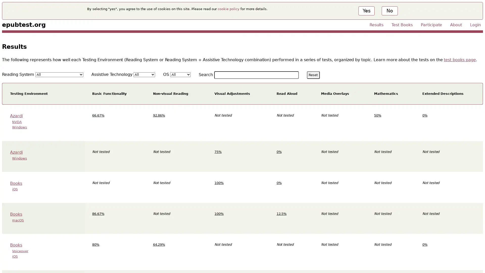  Describe the element at coordinates (232, 94) in the screenshot. I see `Visual Adjustments` at that location.